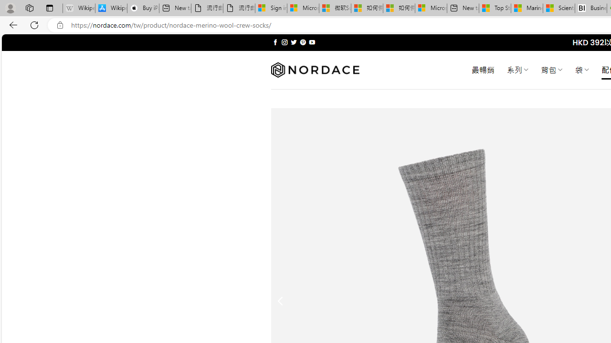  I want to click on 'Follow on YouTube', so click(312, 42).